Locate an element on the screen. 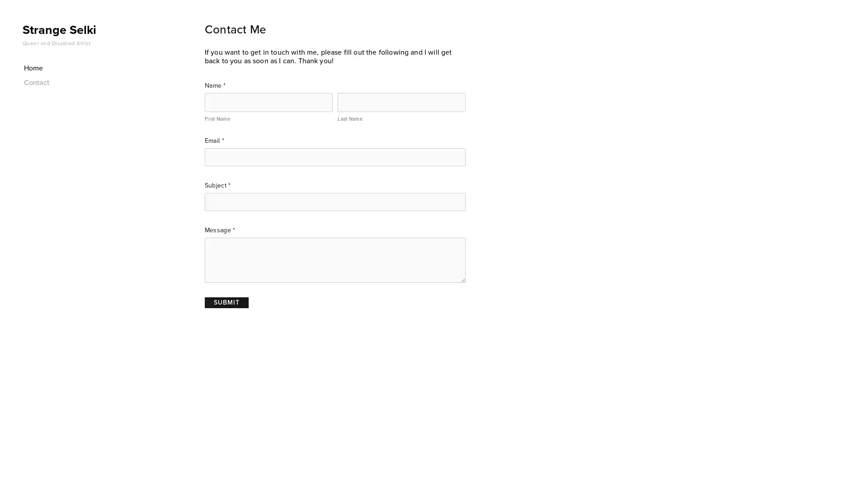  Submit is located at coordinates (226, 302).